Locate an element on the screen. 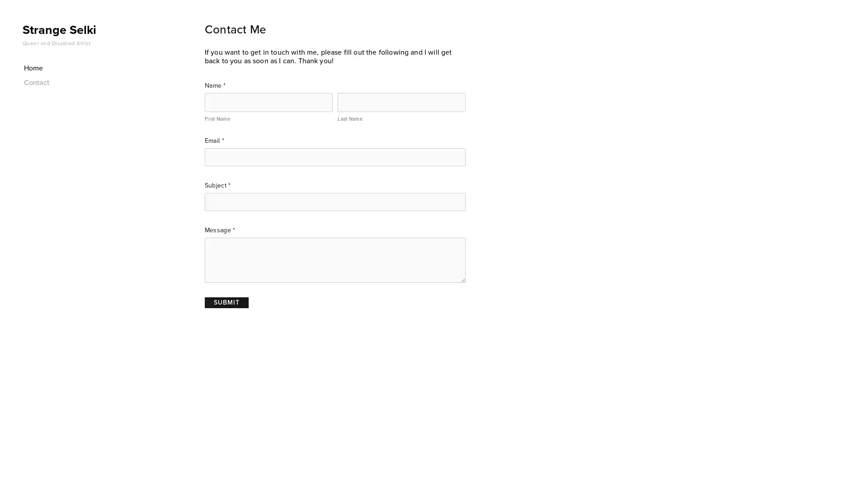  Submit is located at coordinates (226, 302).